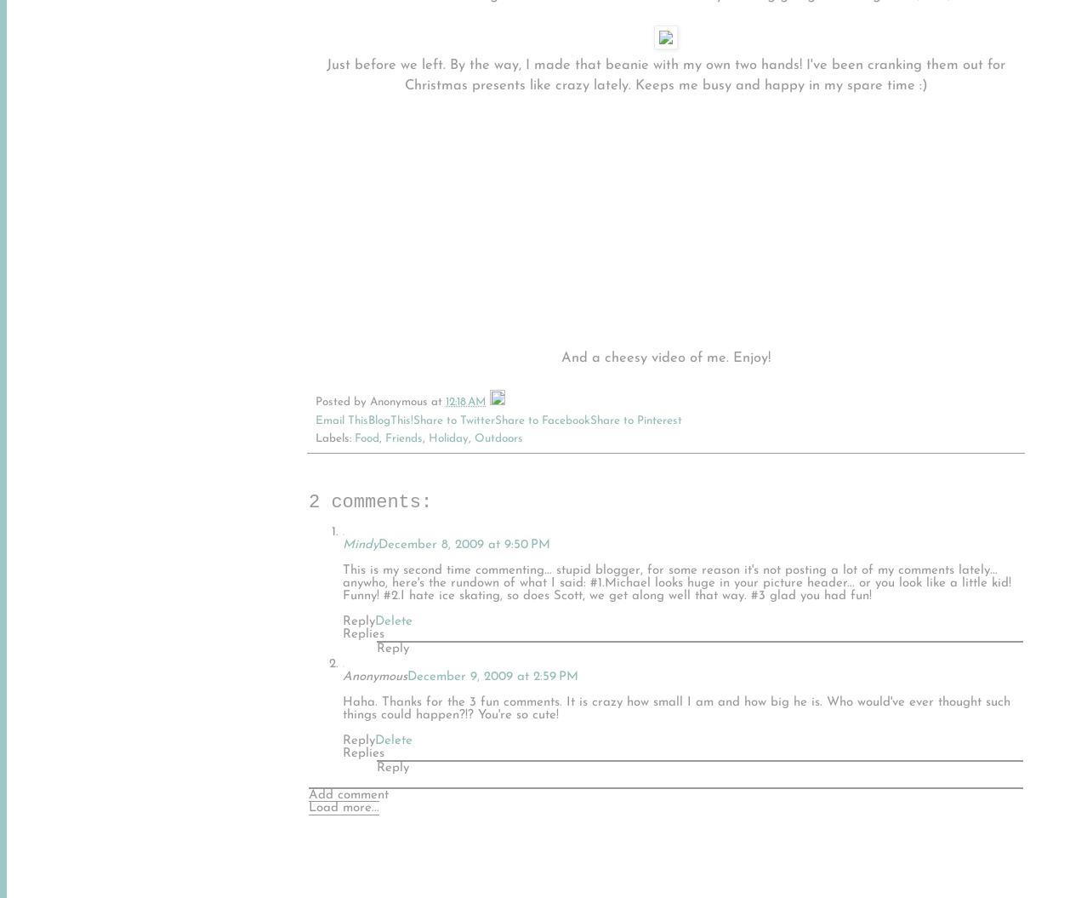 The width and height of the screenshot is (1070, 898). What do you see at coordinates (447, 438) in the screenshot?
I see `'Holiday'` at bounding box center [447, 438].